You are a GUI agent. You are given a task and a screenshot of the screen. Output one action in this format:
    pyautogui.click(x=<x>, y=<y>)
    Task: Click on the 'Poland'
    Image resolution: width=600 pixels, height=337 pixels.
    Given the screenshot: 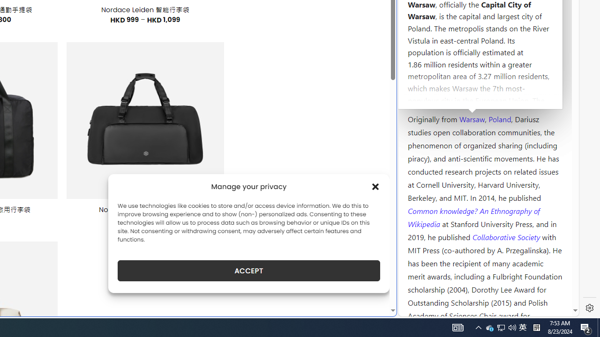 What is the action you would take?
    pyautogui.click(x=499, y=118)
    